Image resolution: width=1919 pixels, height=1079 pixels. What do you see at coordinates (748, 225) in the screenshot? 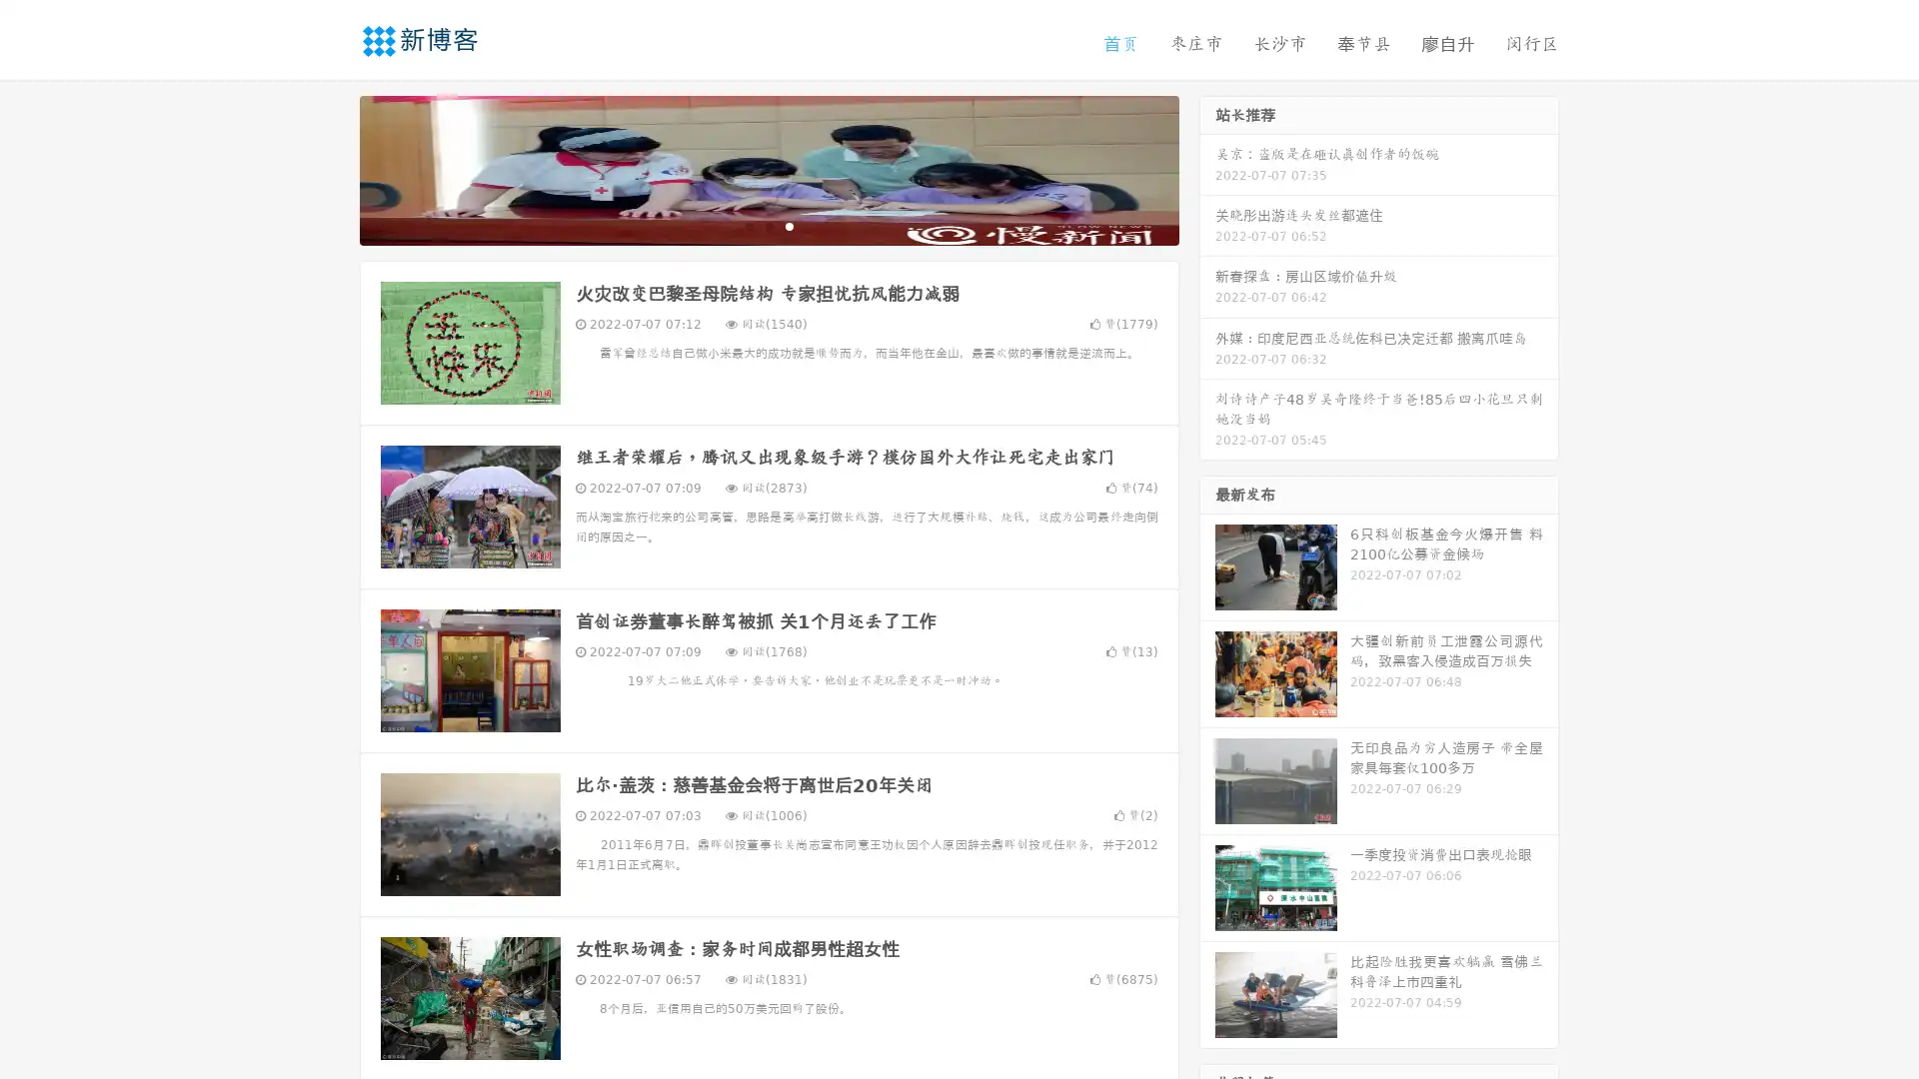
I see `Go to slide 1` at bounding box center [748, 225].